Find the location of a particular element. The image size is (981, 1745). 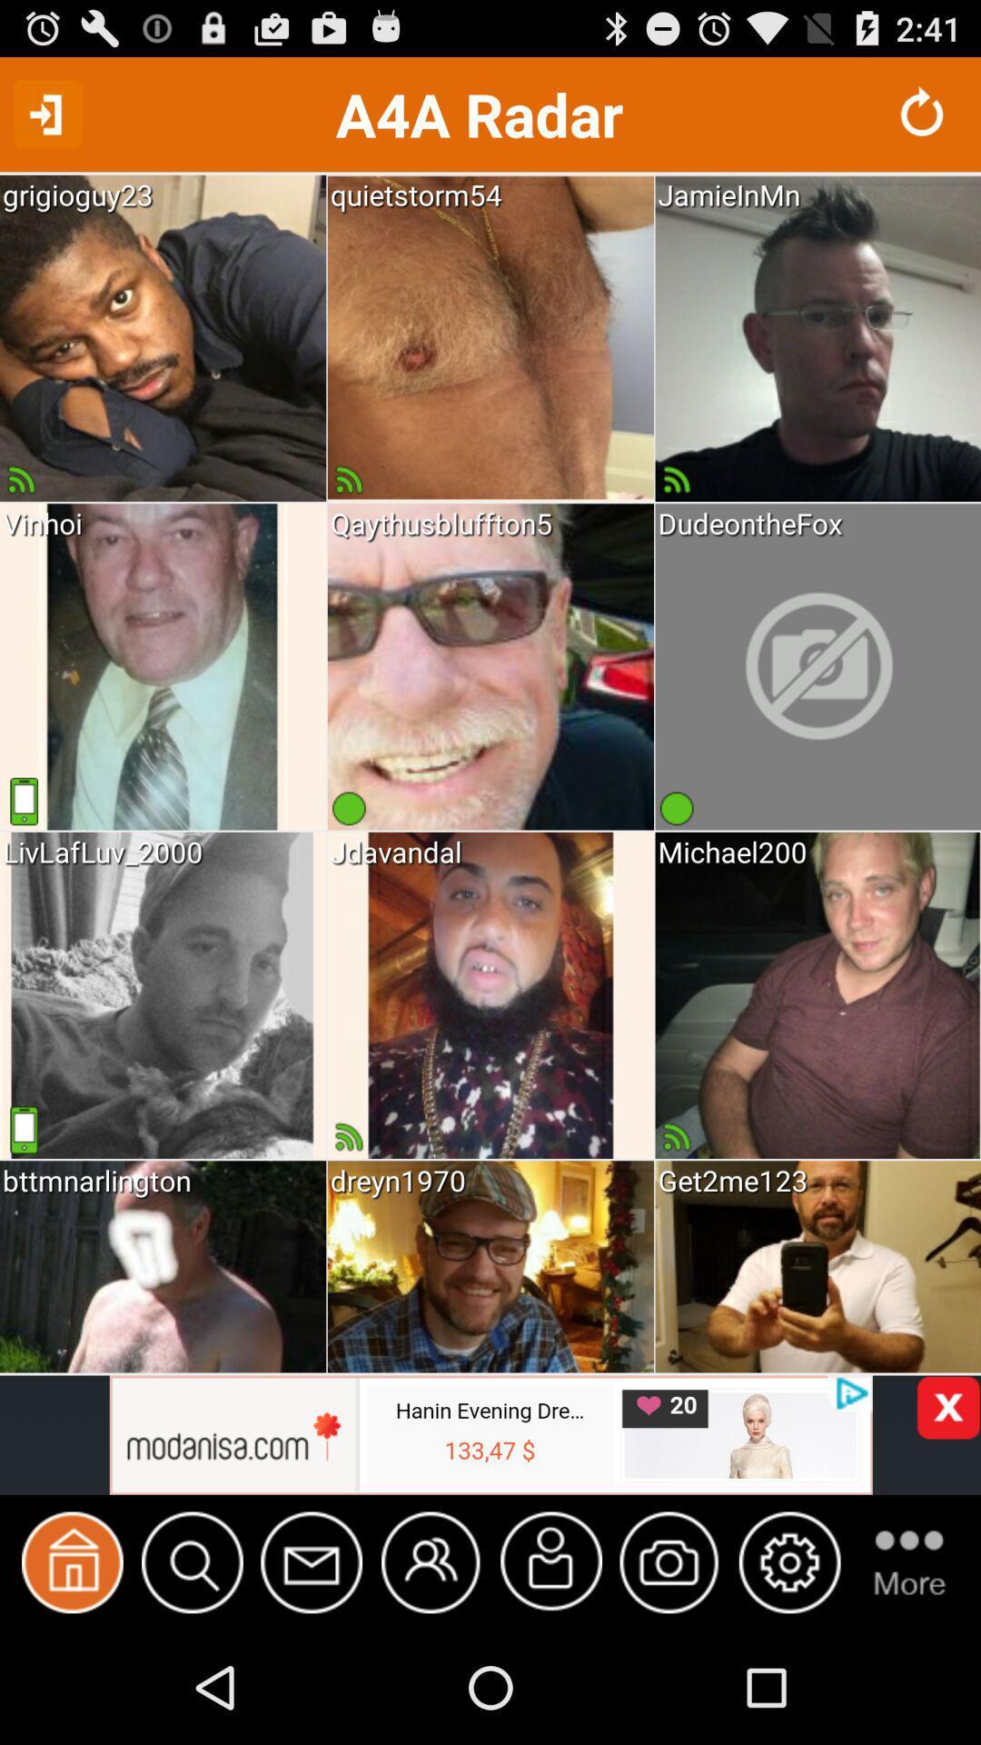

the close icon is located at coordinates (947, 1506).